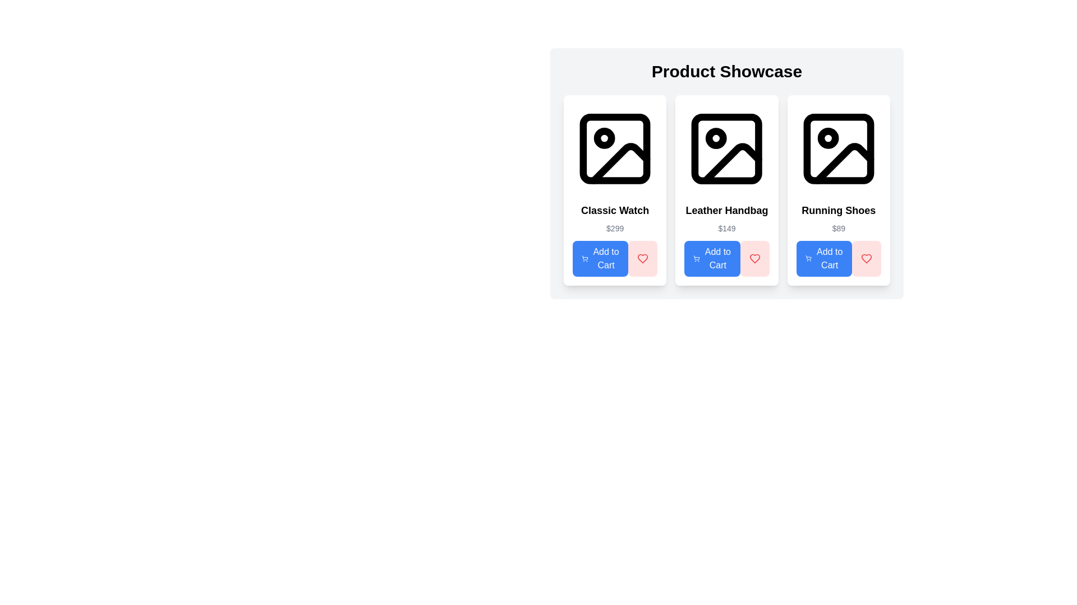  I want to click on the price label displaying '$89' located below 'Running Shoes' within the third product card, so click(839, 228).